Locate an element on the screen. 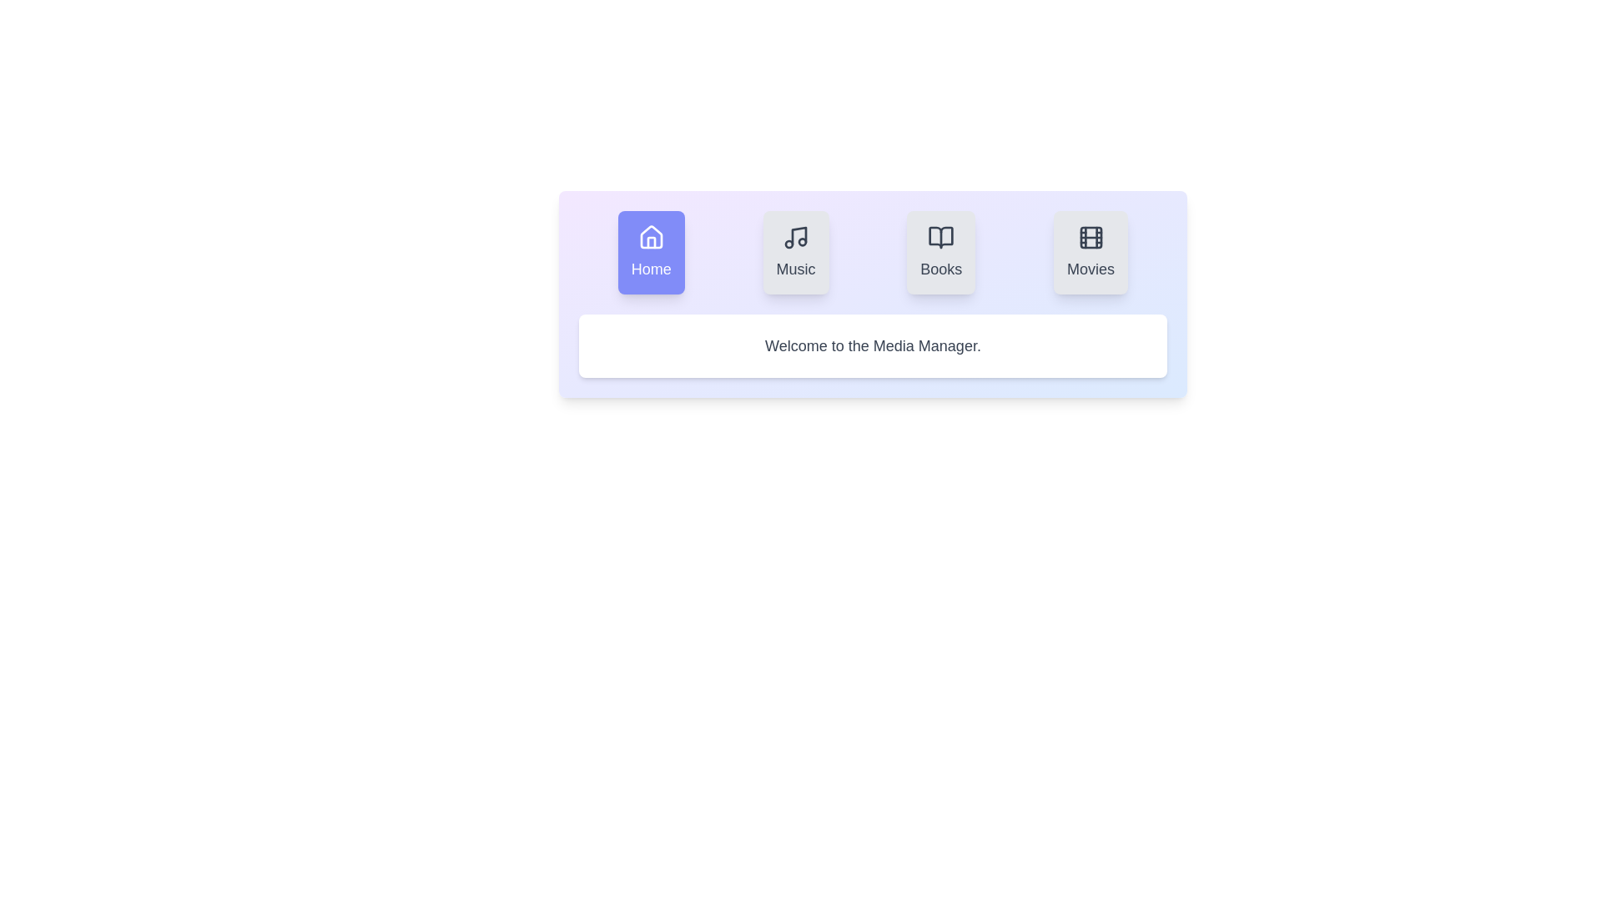  the Books tab to observe its hover effect is located at coordinates (941, 253).